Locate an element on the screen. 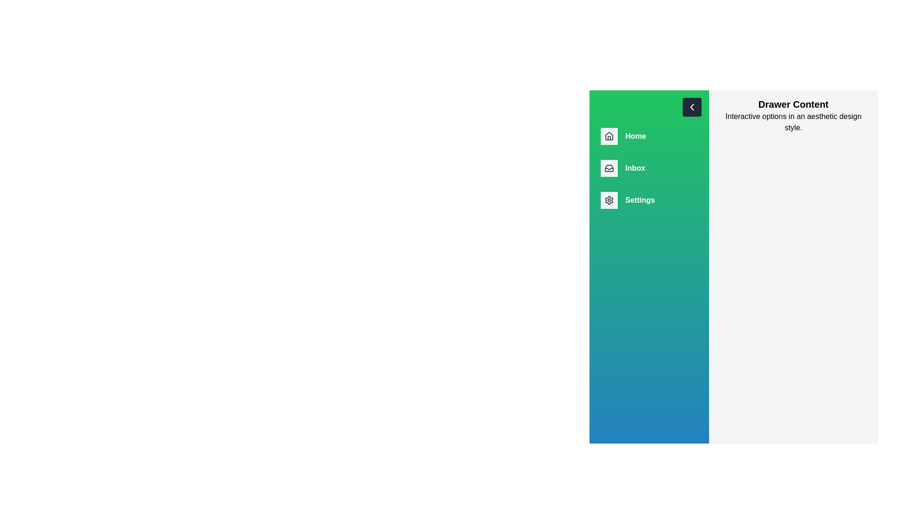 The height and width of the screenshot is (508, 904). the navigation item Home from the drawer is located at coordinates (648, 136).